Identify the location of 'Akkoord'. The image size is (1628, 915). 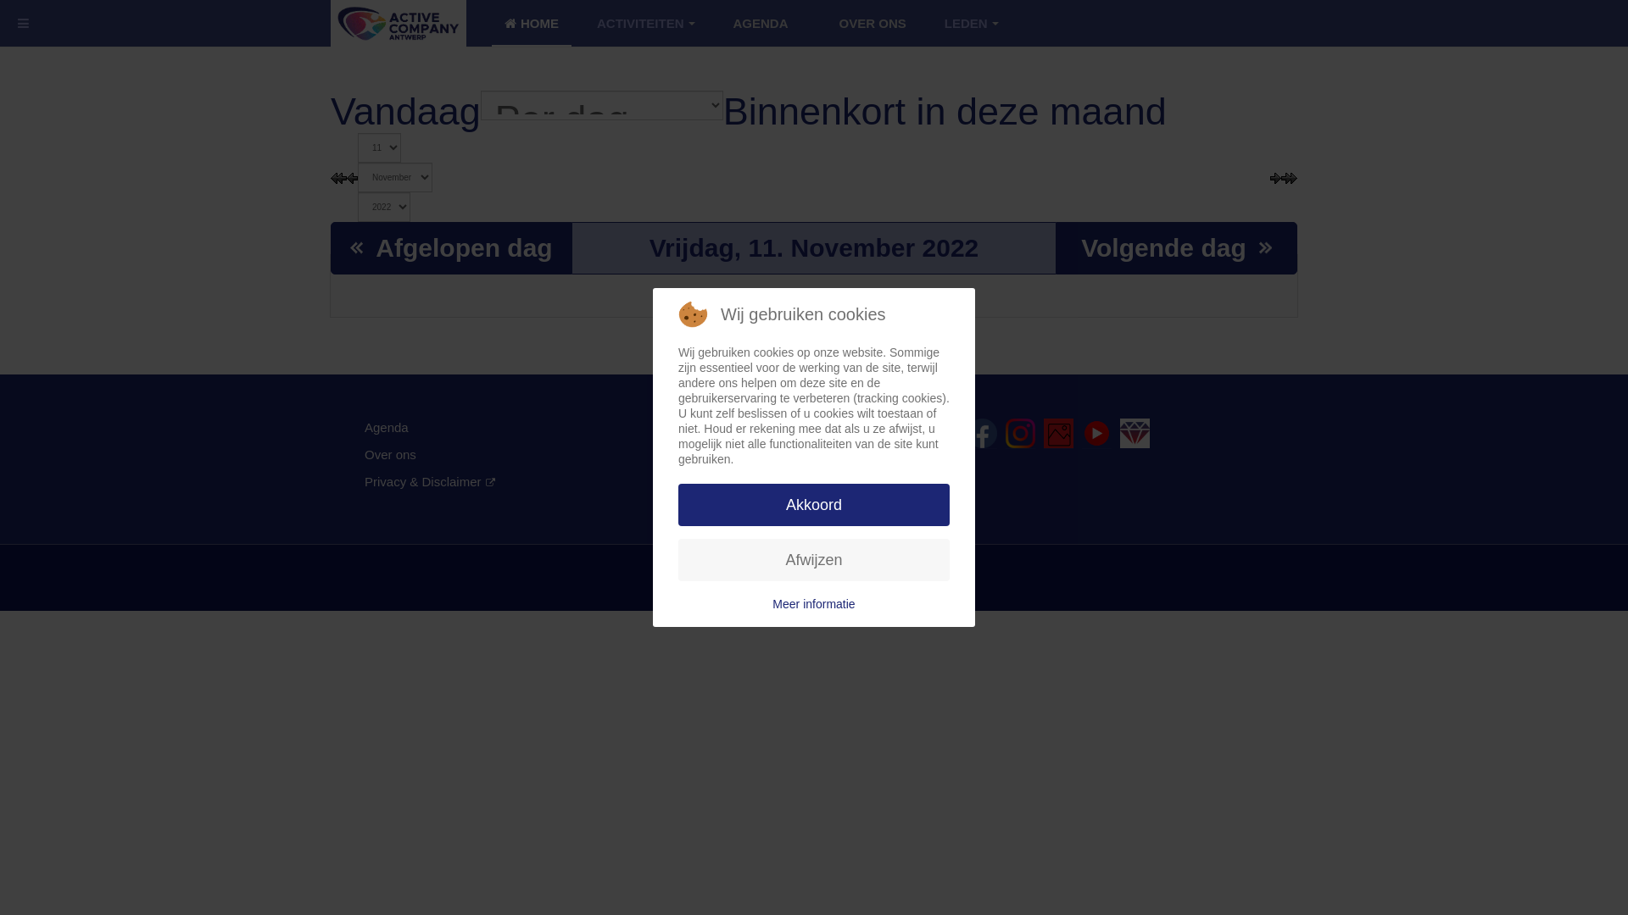
(814, 504).